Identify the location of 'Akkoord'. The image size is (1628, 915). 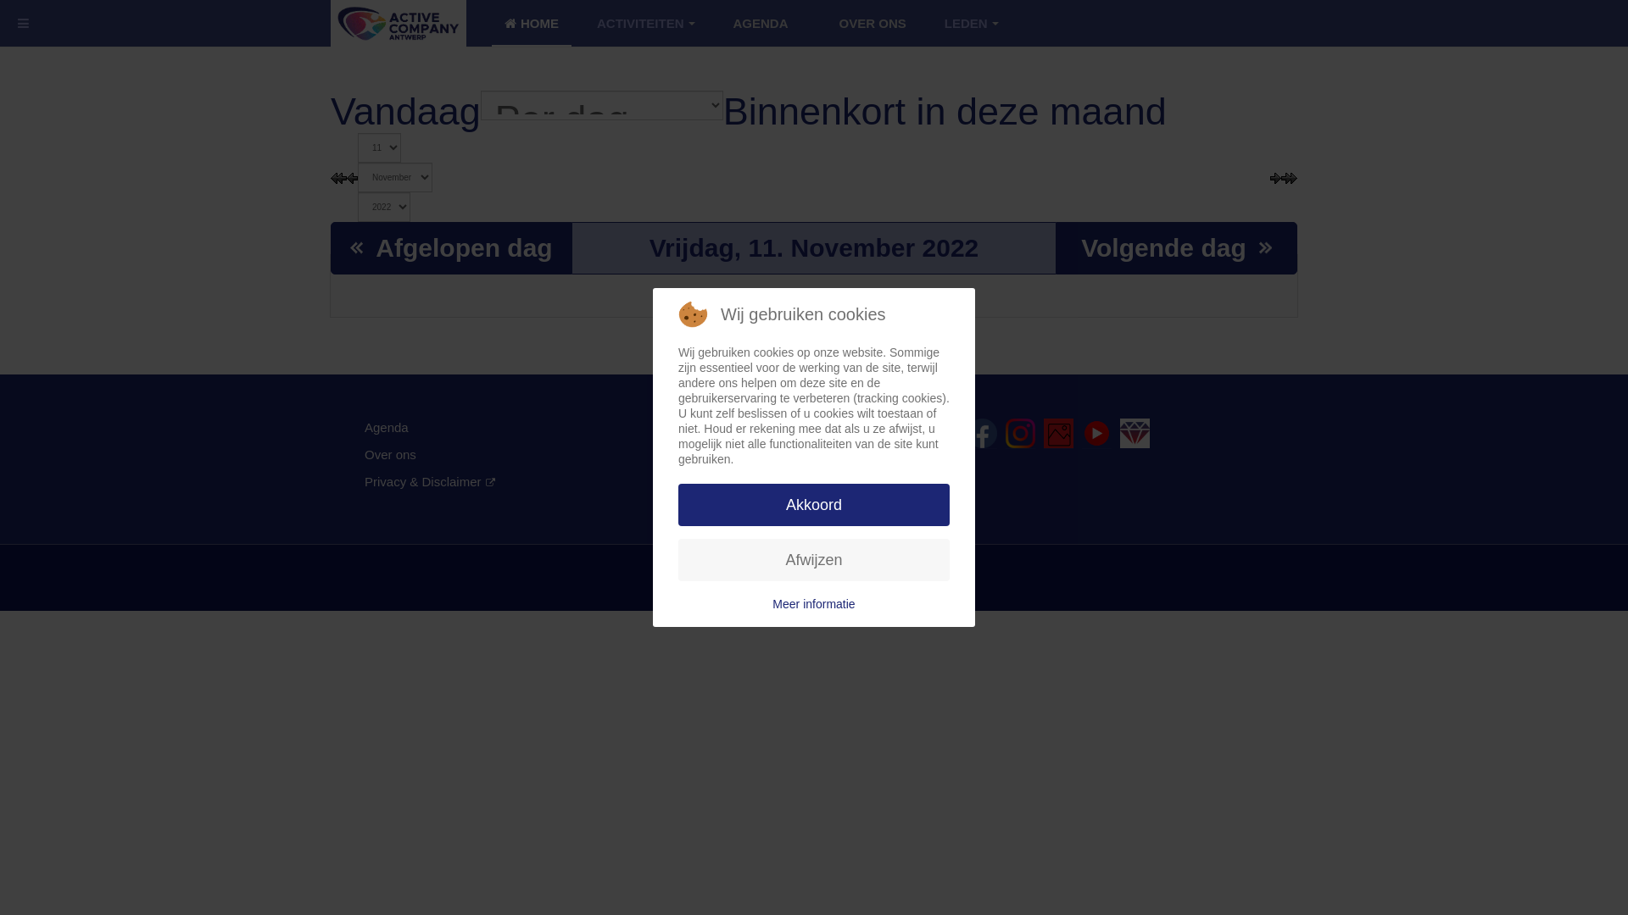
(814, 504).